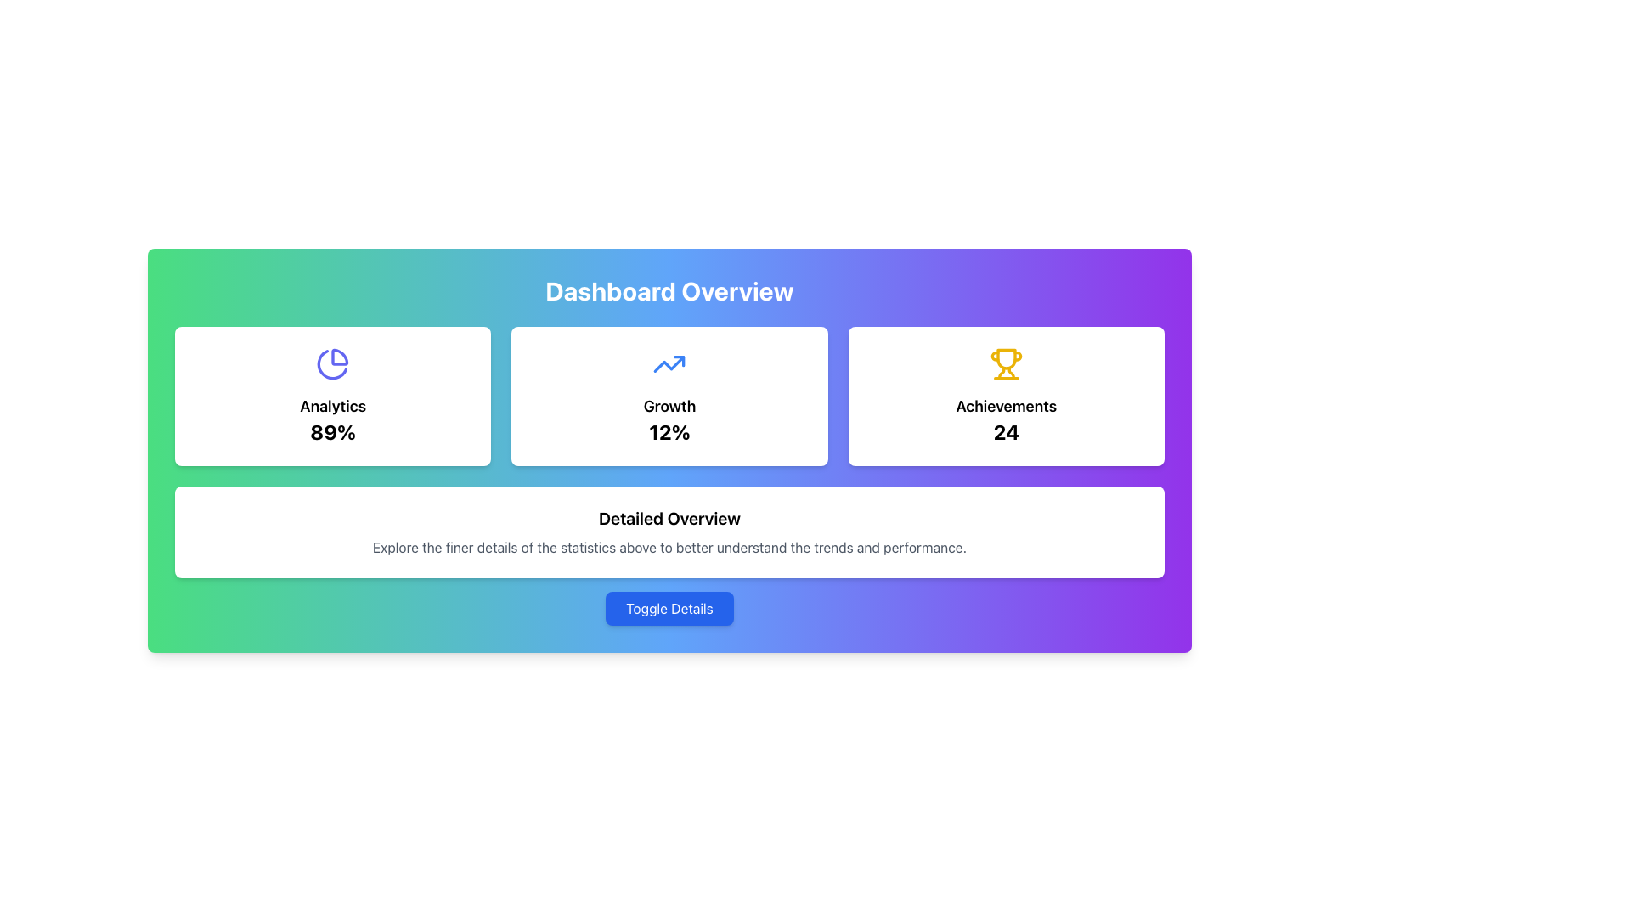 The image size is (1631, 917). Describe the element at coordinates (669, 363) in the screenshot. I see `the blue line graph icon representing an upward trend located under 'Growth 12%' in the middle card` at that location.